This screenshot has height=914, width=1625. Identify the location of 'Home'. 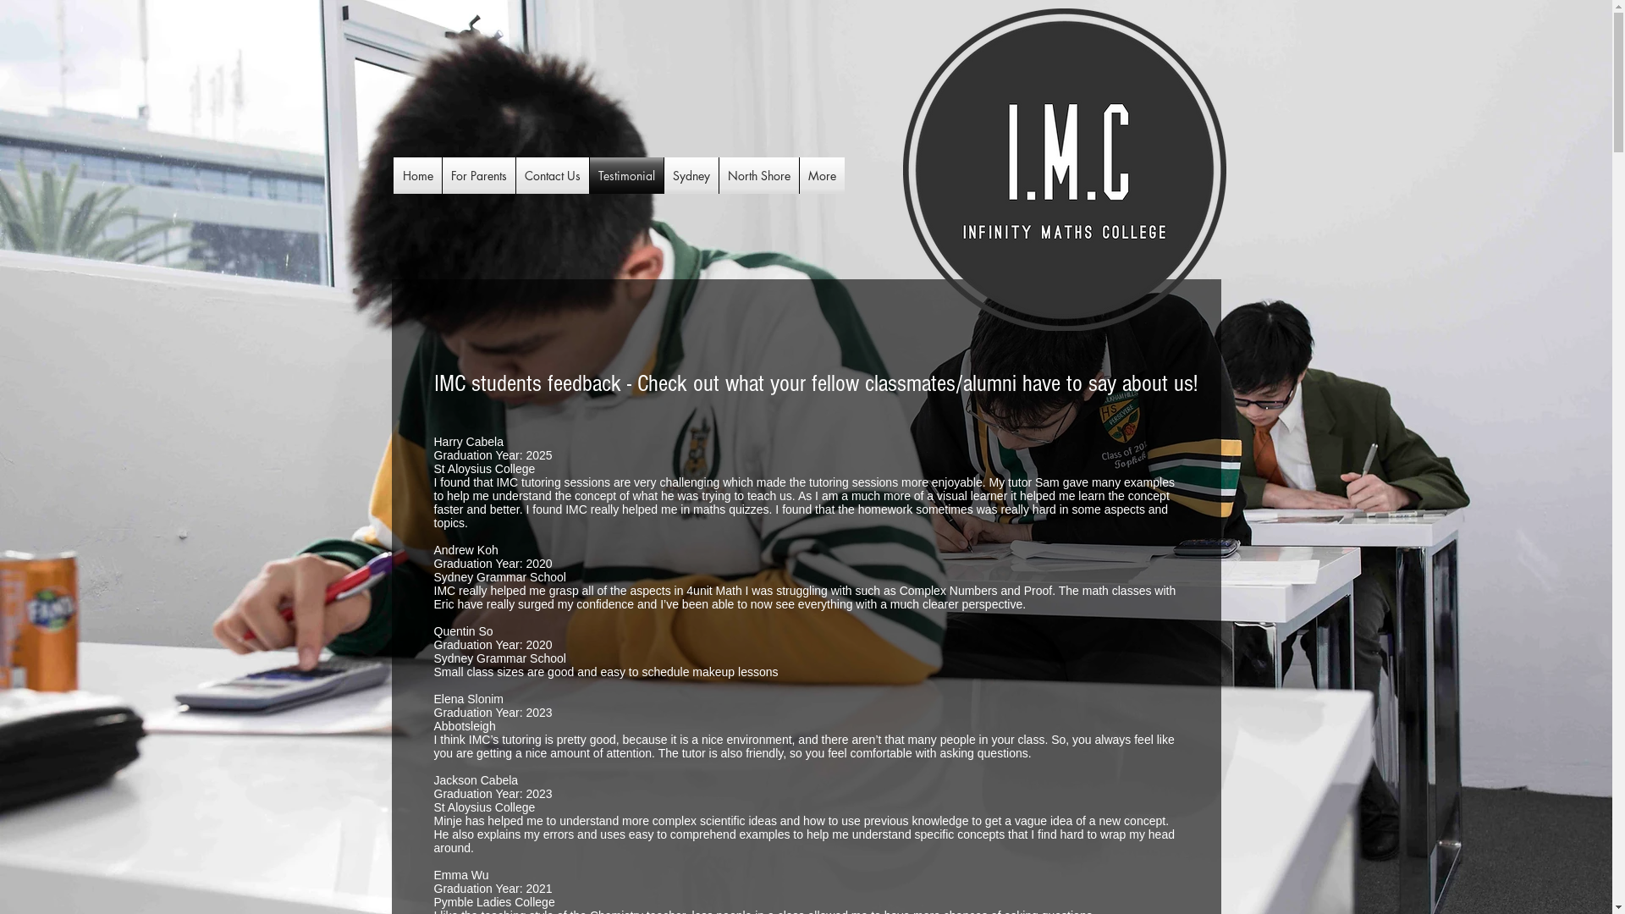
(418, 175).